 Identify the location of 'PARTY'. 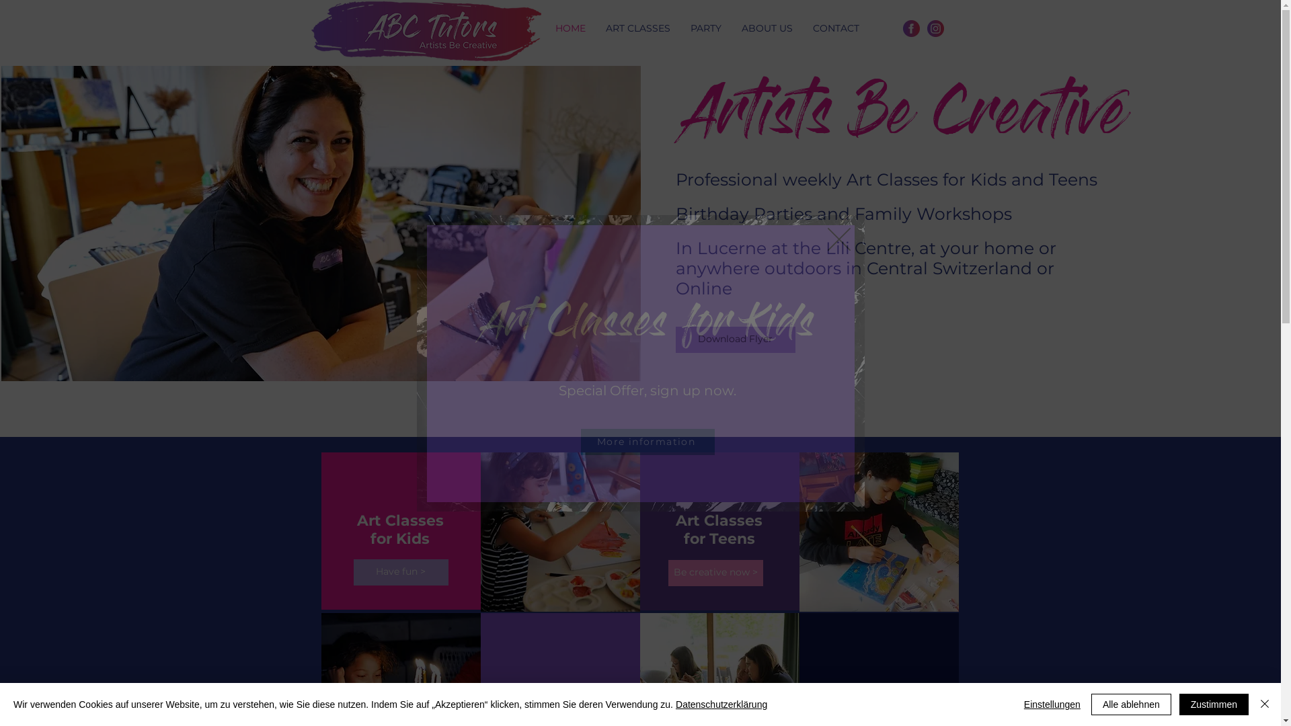
(705, 28).